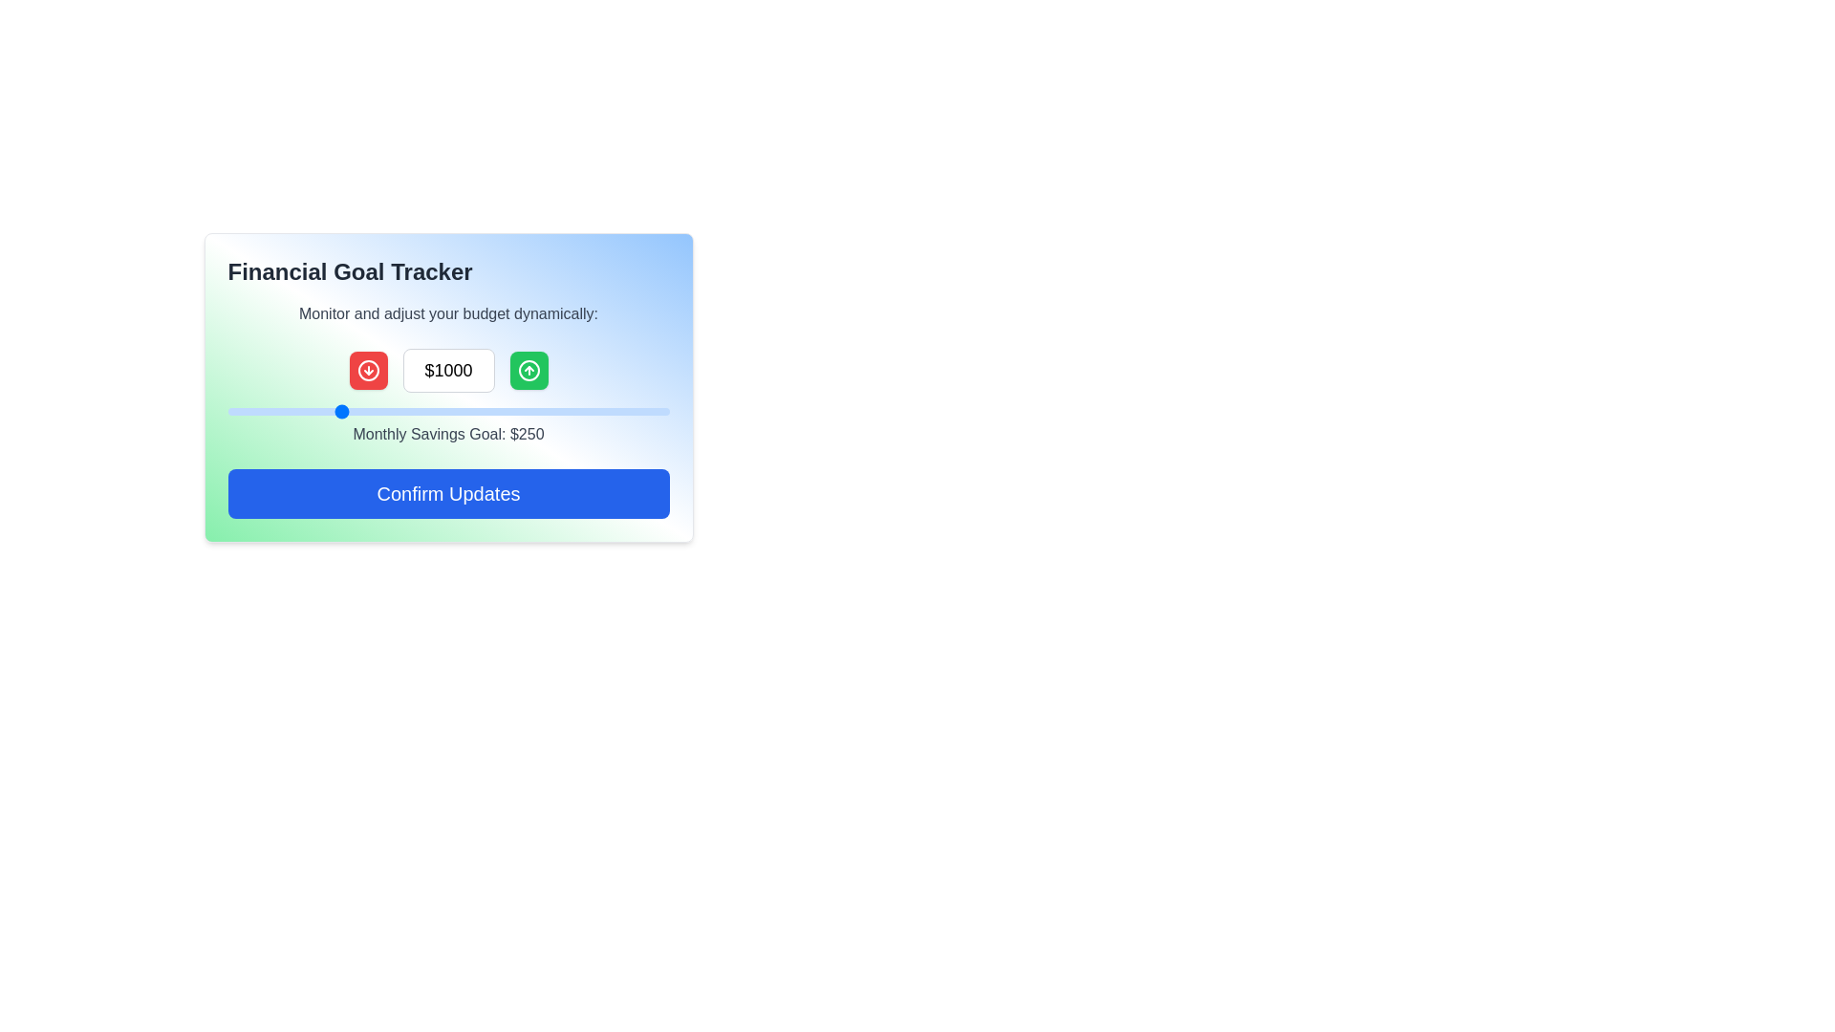 The width and height of the screenshot is (1835, 1032). Describe the element at coordinates (529, 371) in the screenshot. I see `the Circular SVG element that is part of the 'circle-arrow-up' icon, located in the center of the green circular control on the right side of the three horizontally aligned components in the interface's central area` at that location.